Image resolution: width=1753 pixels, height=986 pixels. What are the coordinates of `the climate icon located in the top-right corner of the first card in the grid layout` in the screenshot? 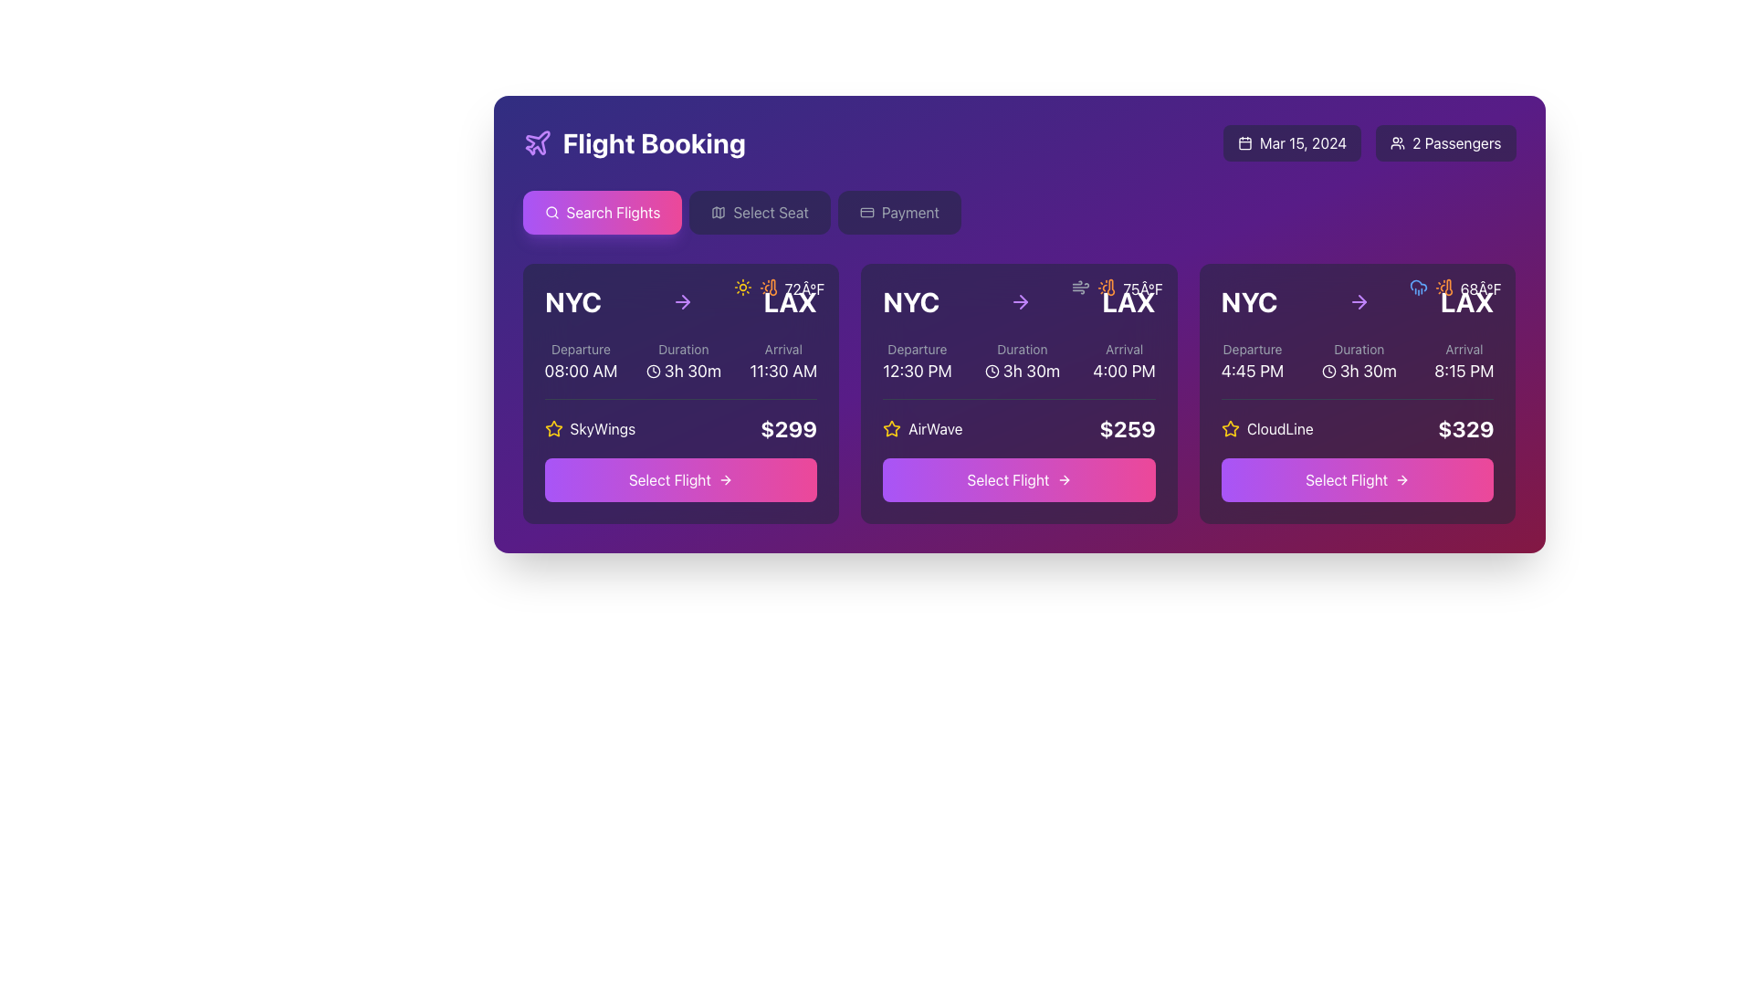 It's located at (768, 288).